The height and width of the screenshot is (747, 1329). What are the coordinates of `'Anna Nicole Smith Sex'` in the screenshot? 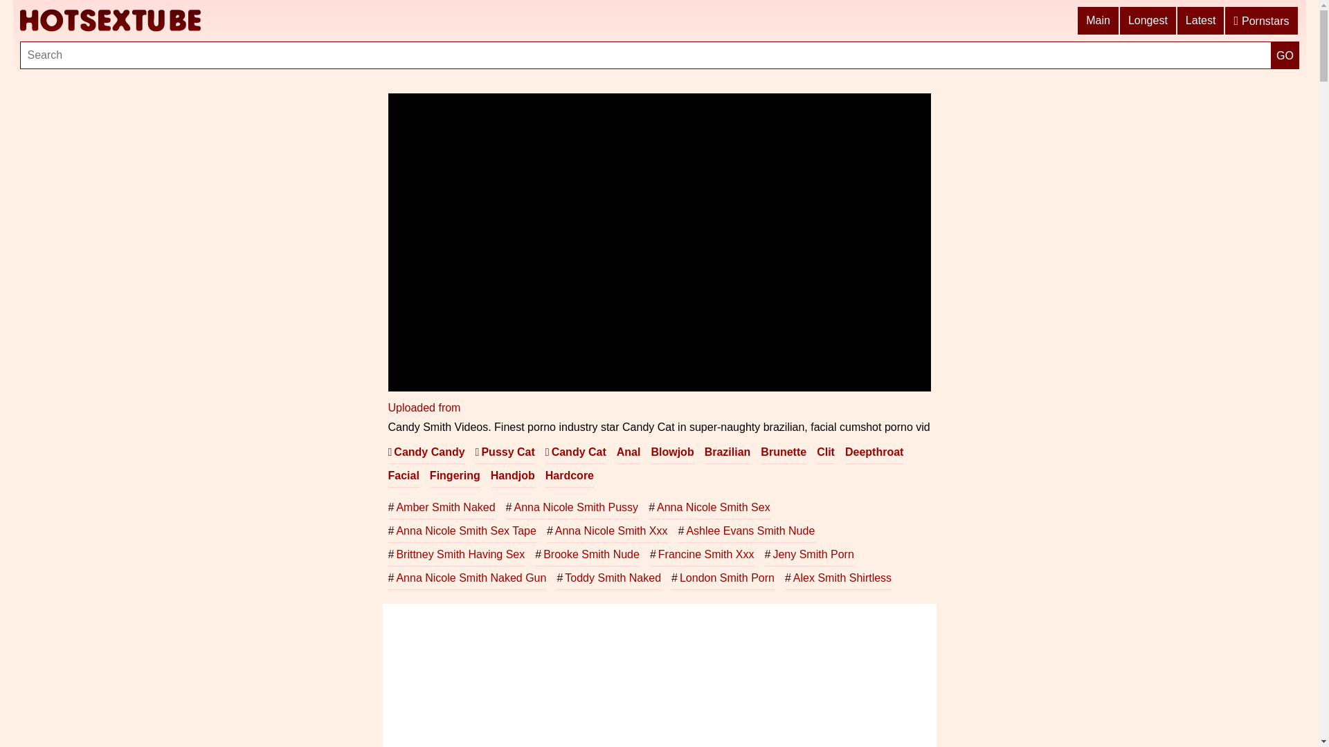 It's located at (709, 507).